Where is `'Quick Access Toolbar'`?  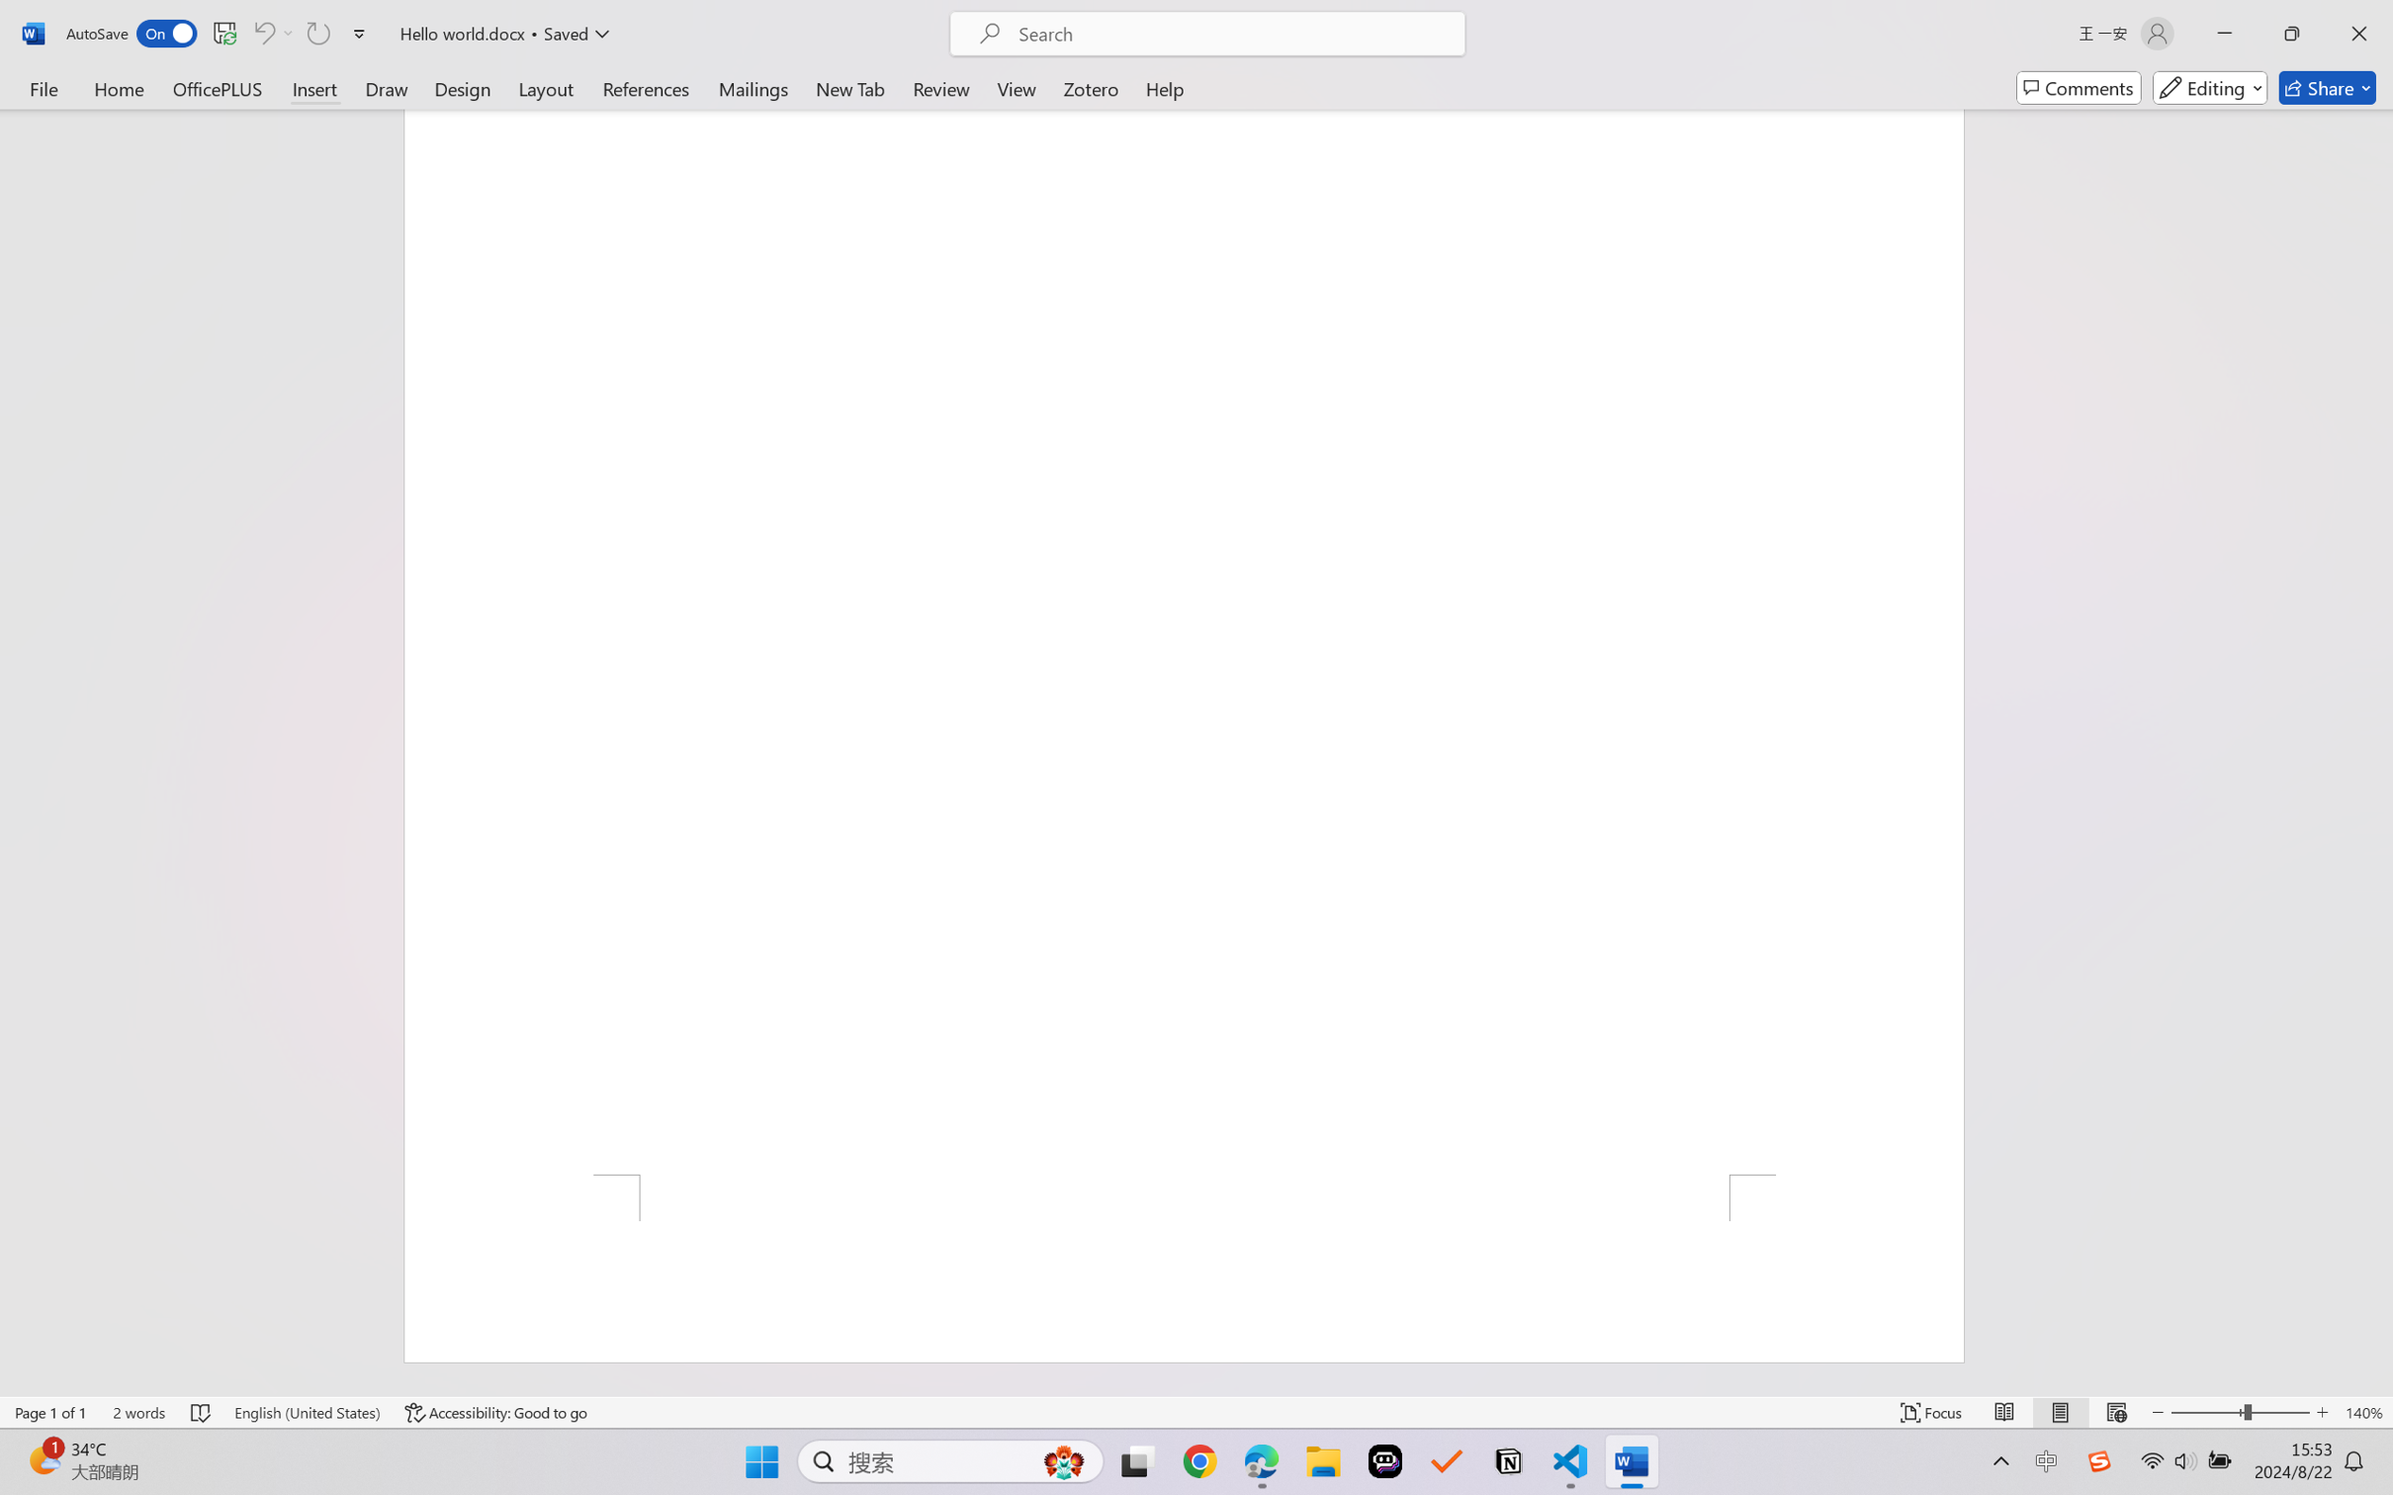
'Quick Access Toolbar' is located at coordinates (220, 33).